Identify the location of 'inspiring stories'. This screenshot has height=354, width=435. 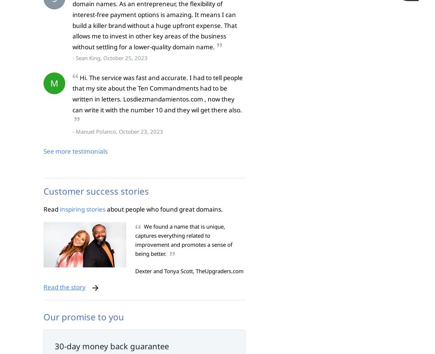
(59, 209).